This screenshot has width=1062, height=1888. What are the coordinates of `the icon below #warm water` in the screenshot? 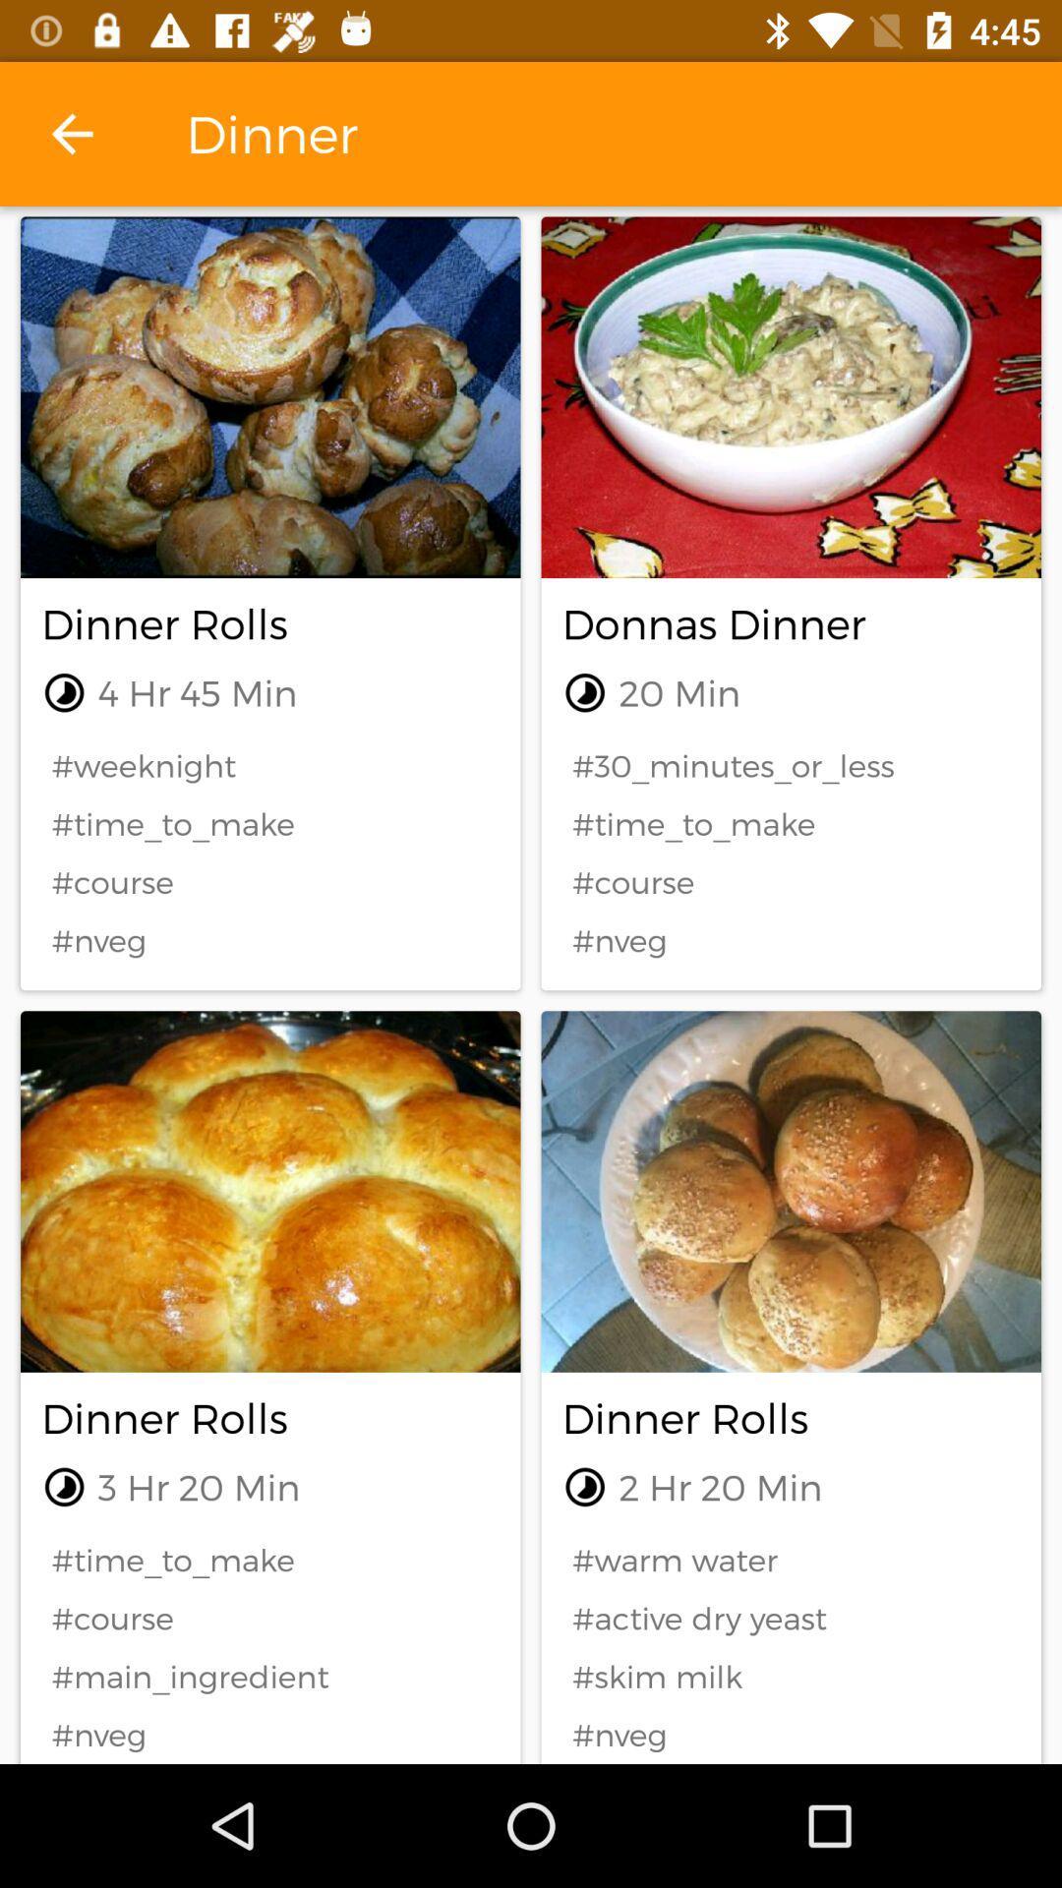 It's located at (790, 1618).